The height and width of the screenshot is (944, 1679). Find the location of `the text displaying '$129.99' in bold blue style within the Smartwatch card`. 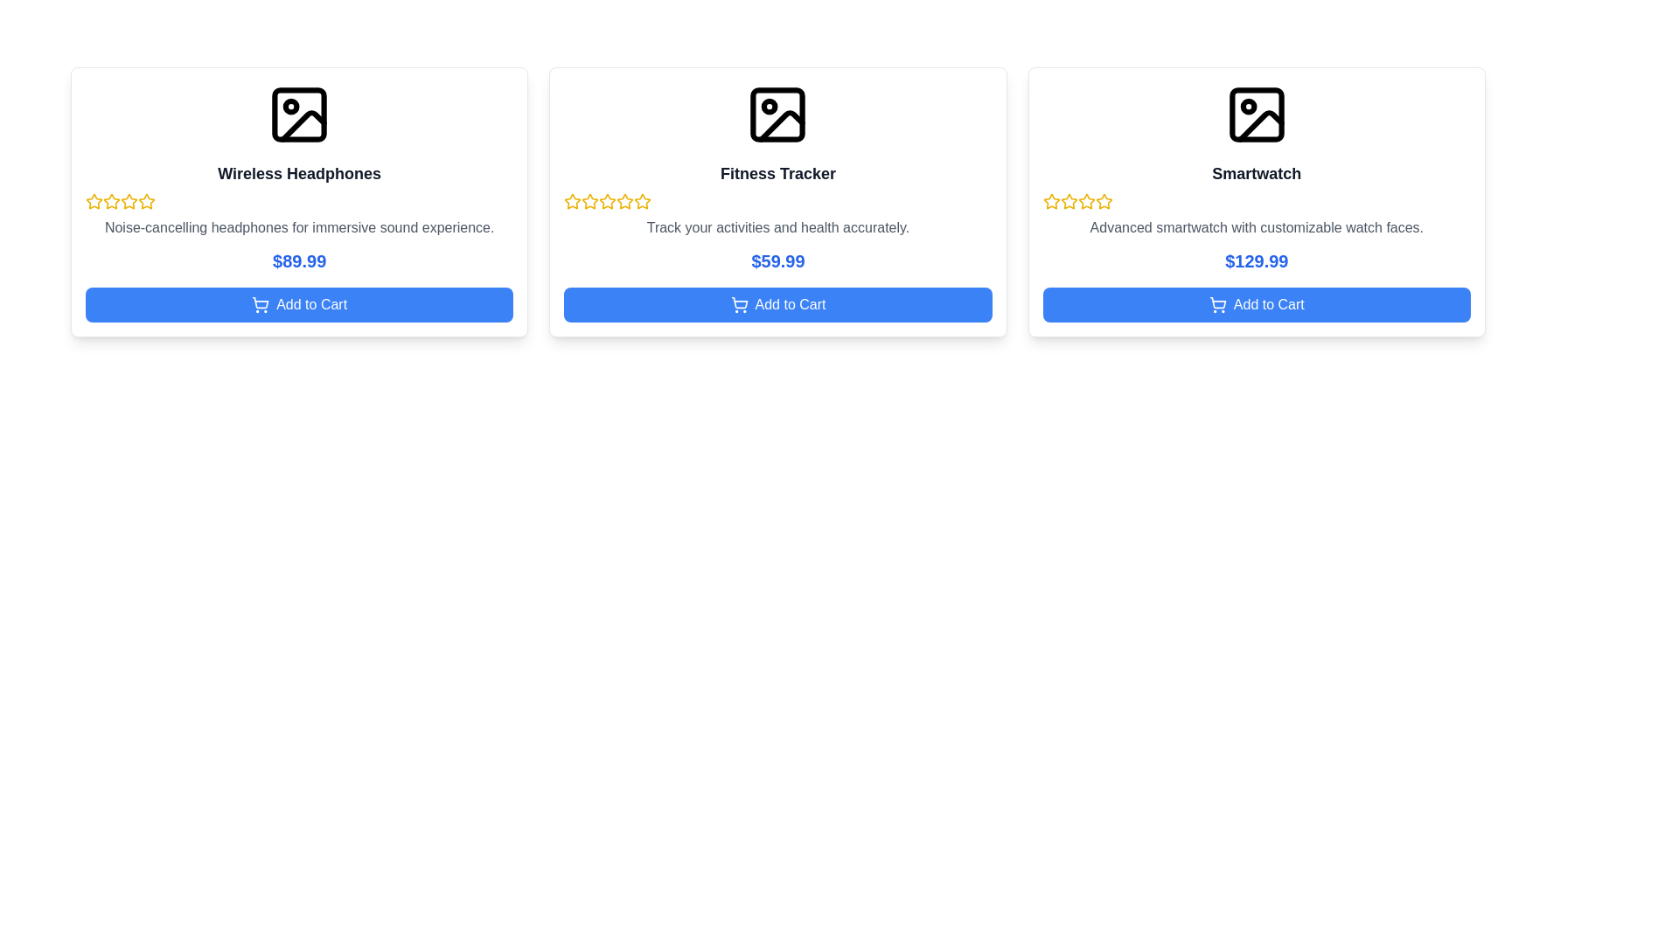

the text displaying '$129.99' in bold blue style within the Smartwatch card is located at coordinates (1256, 261).